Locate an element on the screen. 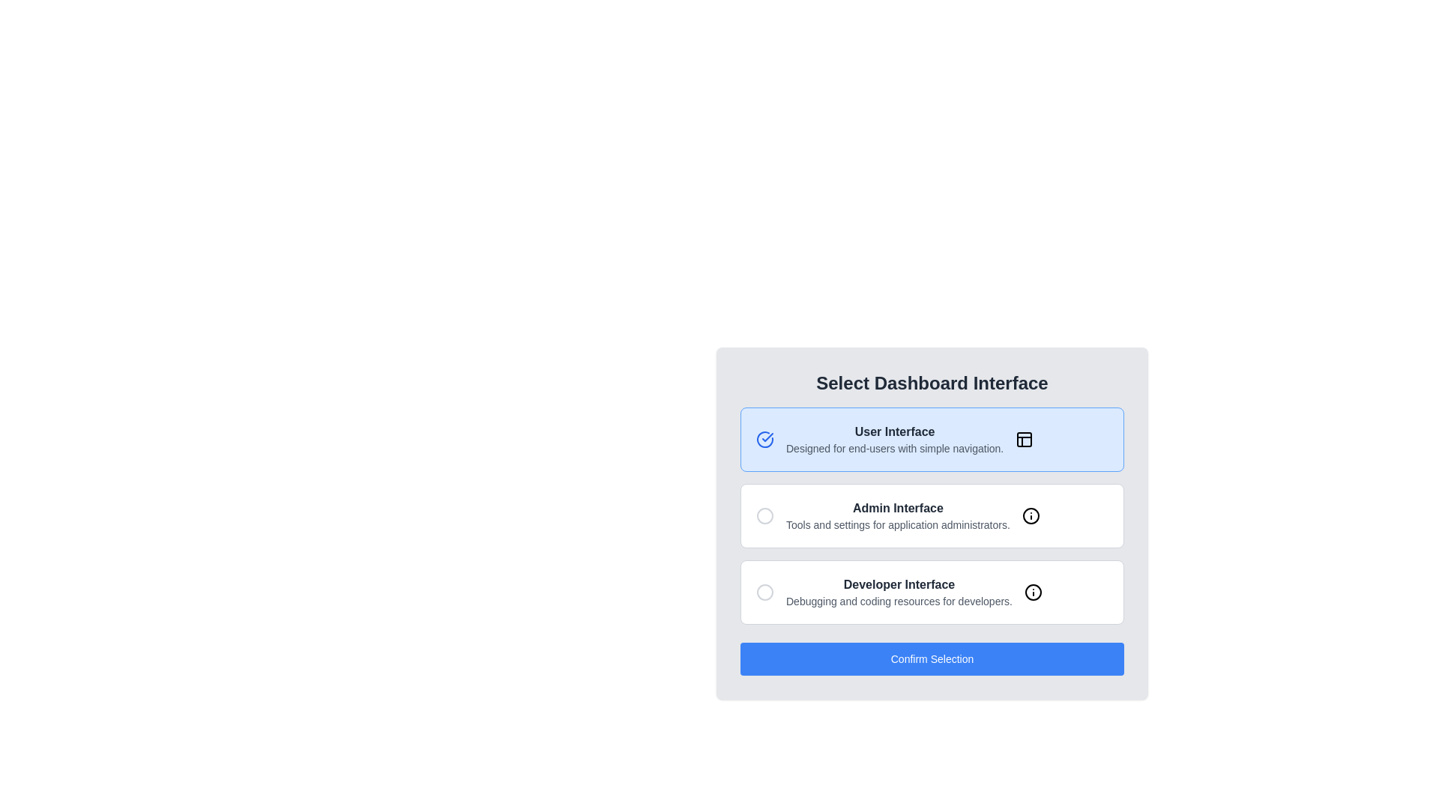 Image resolution: width=1439 pixels, height=809 pixels. the text label that describes the purpose and features of the 'User Interface' option, which is positioned below the 'User Interface' heading in the selection panel is located at coordinates (895, 447).